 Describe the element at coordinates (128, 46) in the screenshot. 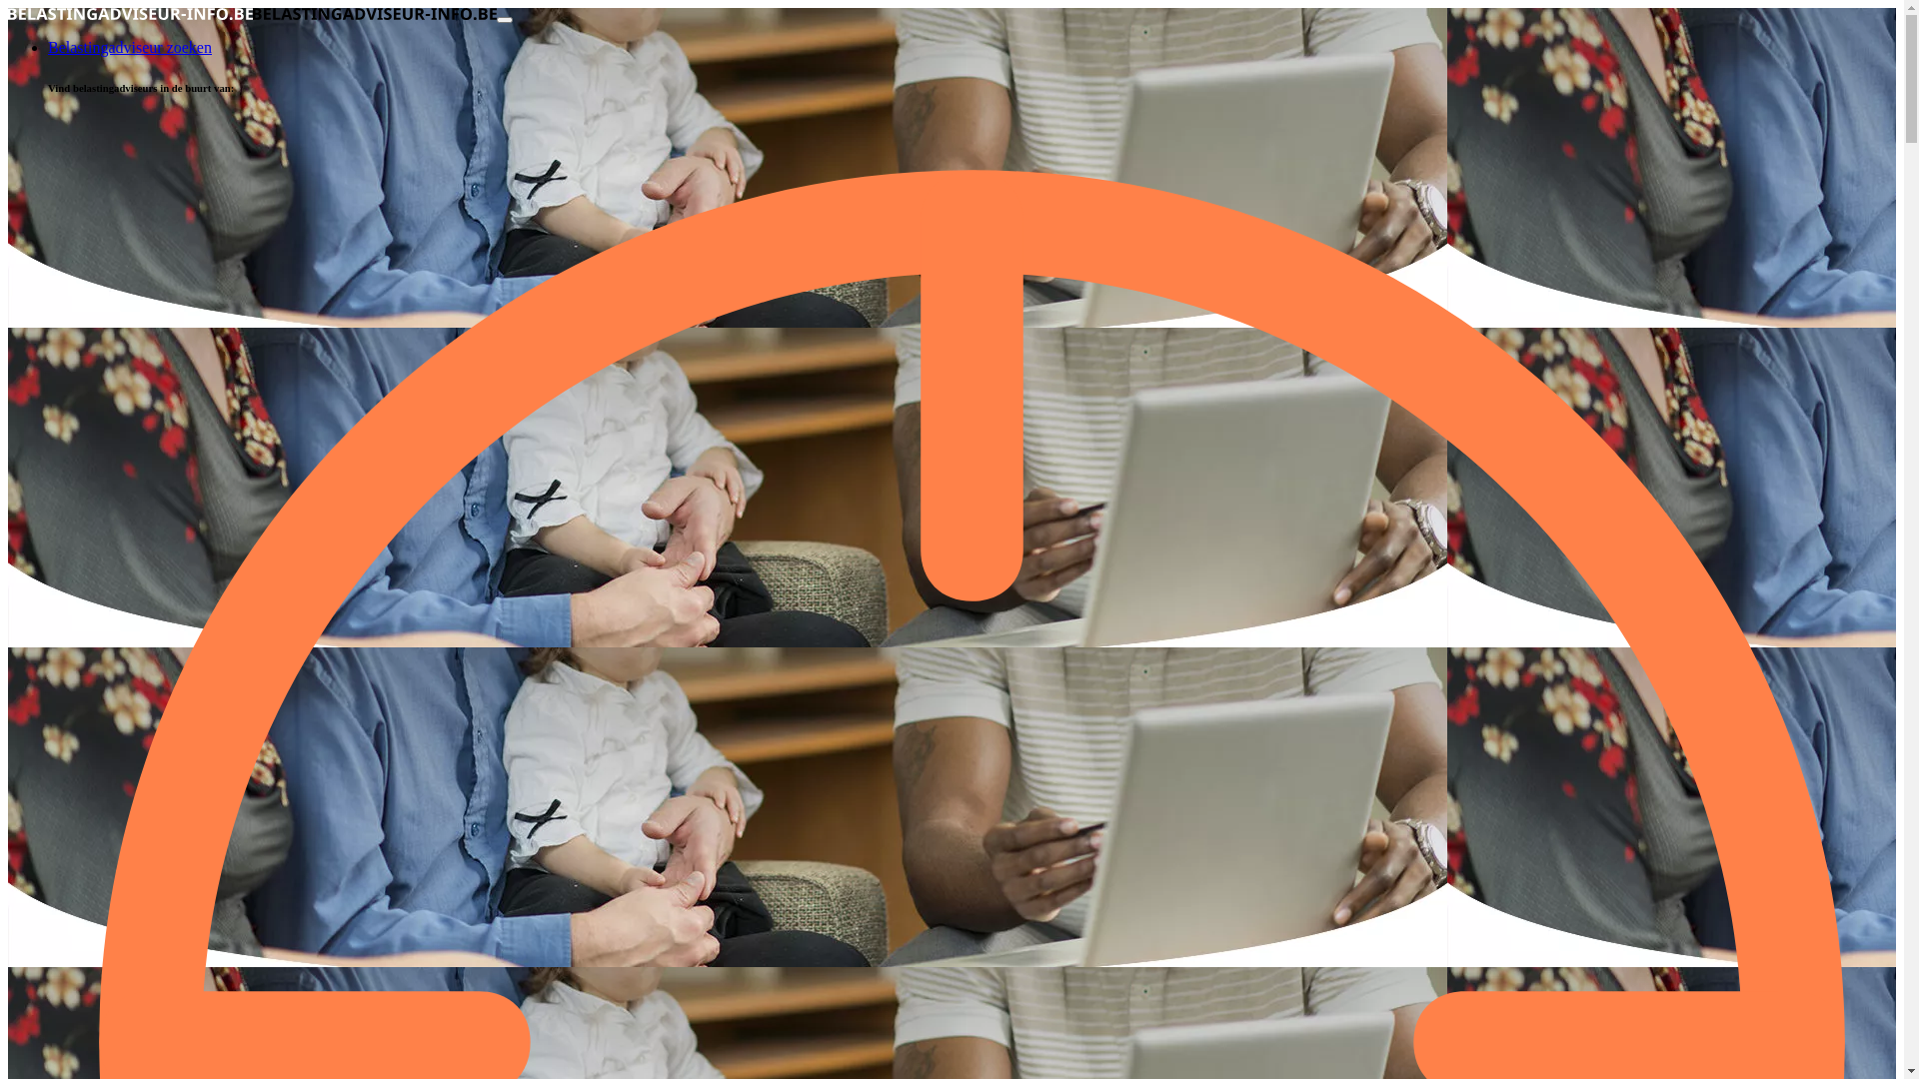

I see `'Belastingadviseur zoeken'` at that location.